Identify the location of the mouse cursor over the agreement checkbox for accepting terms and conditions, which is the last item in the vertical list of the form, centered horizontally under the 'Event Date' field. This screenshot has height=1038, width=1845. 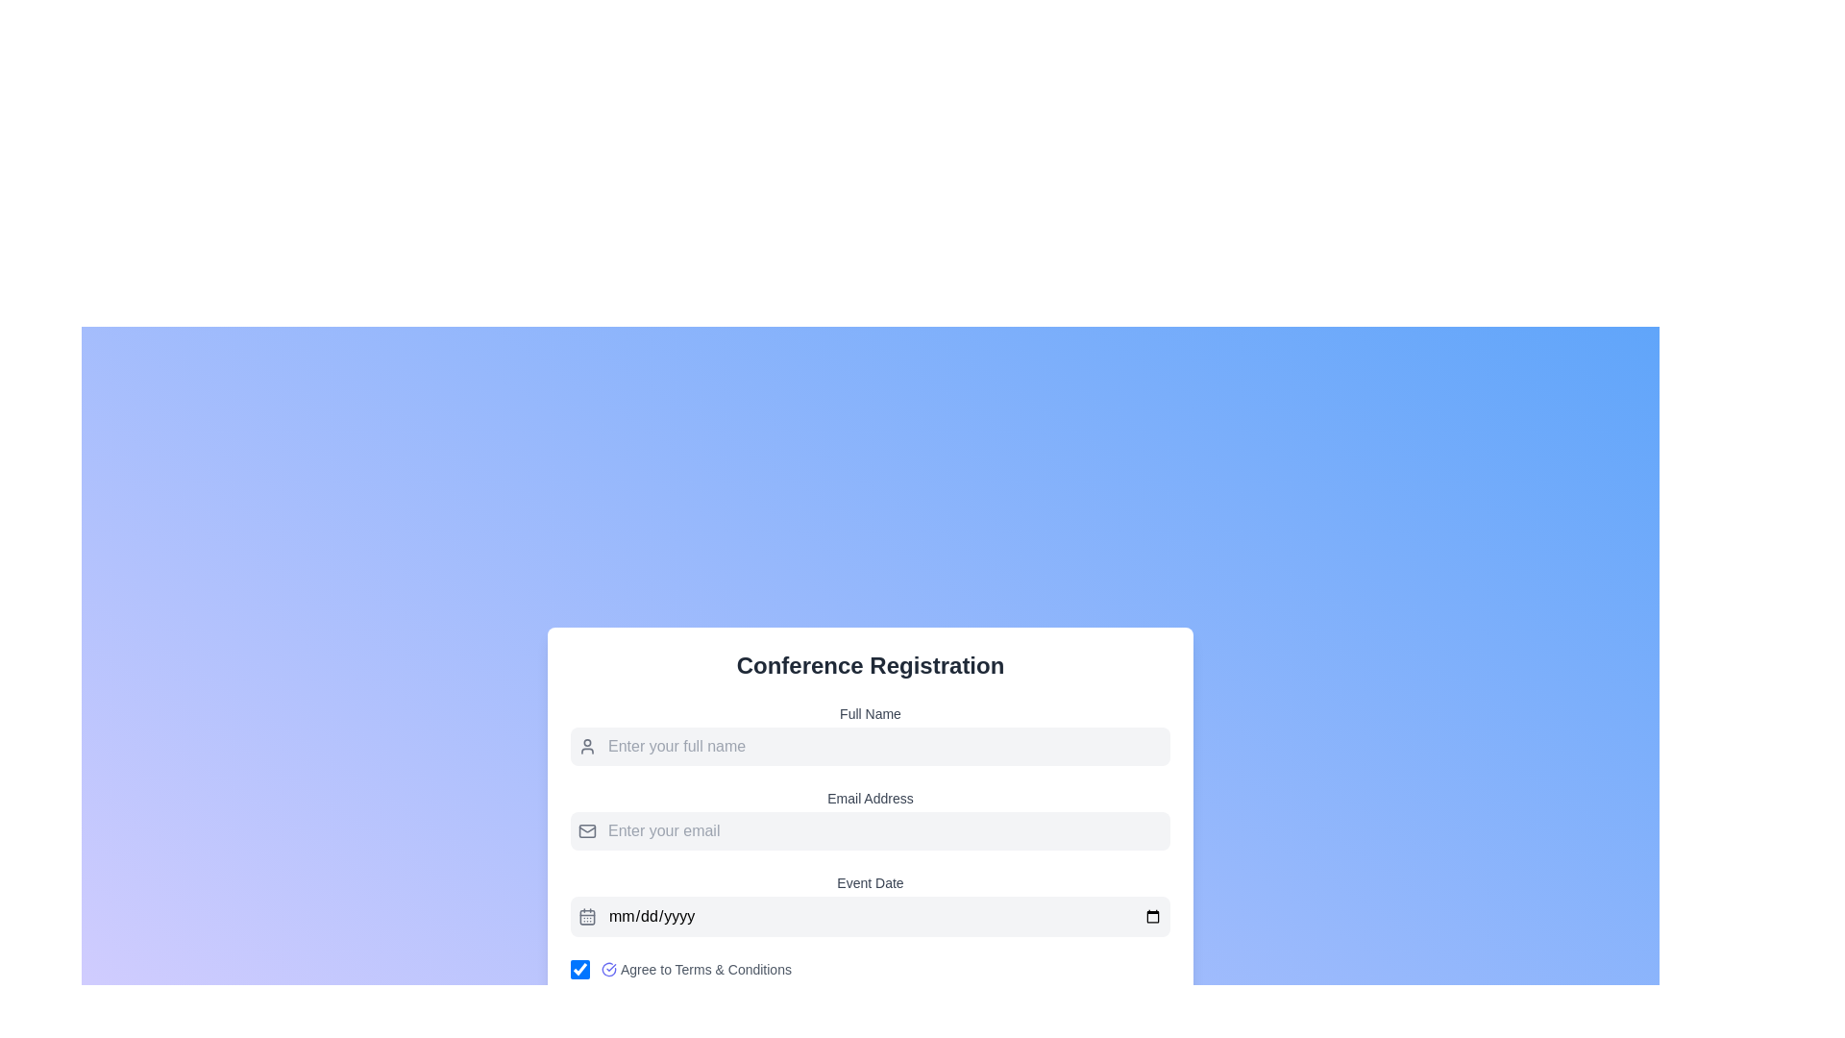
(870, 970).